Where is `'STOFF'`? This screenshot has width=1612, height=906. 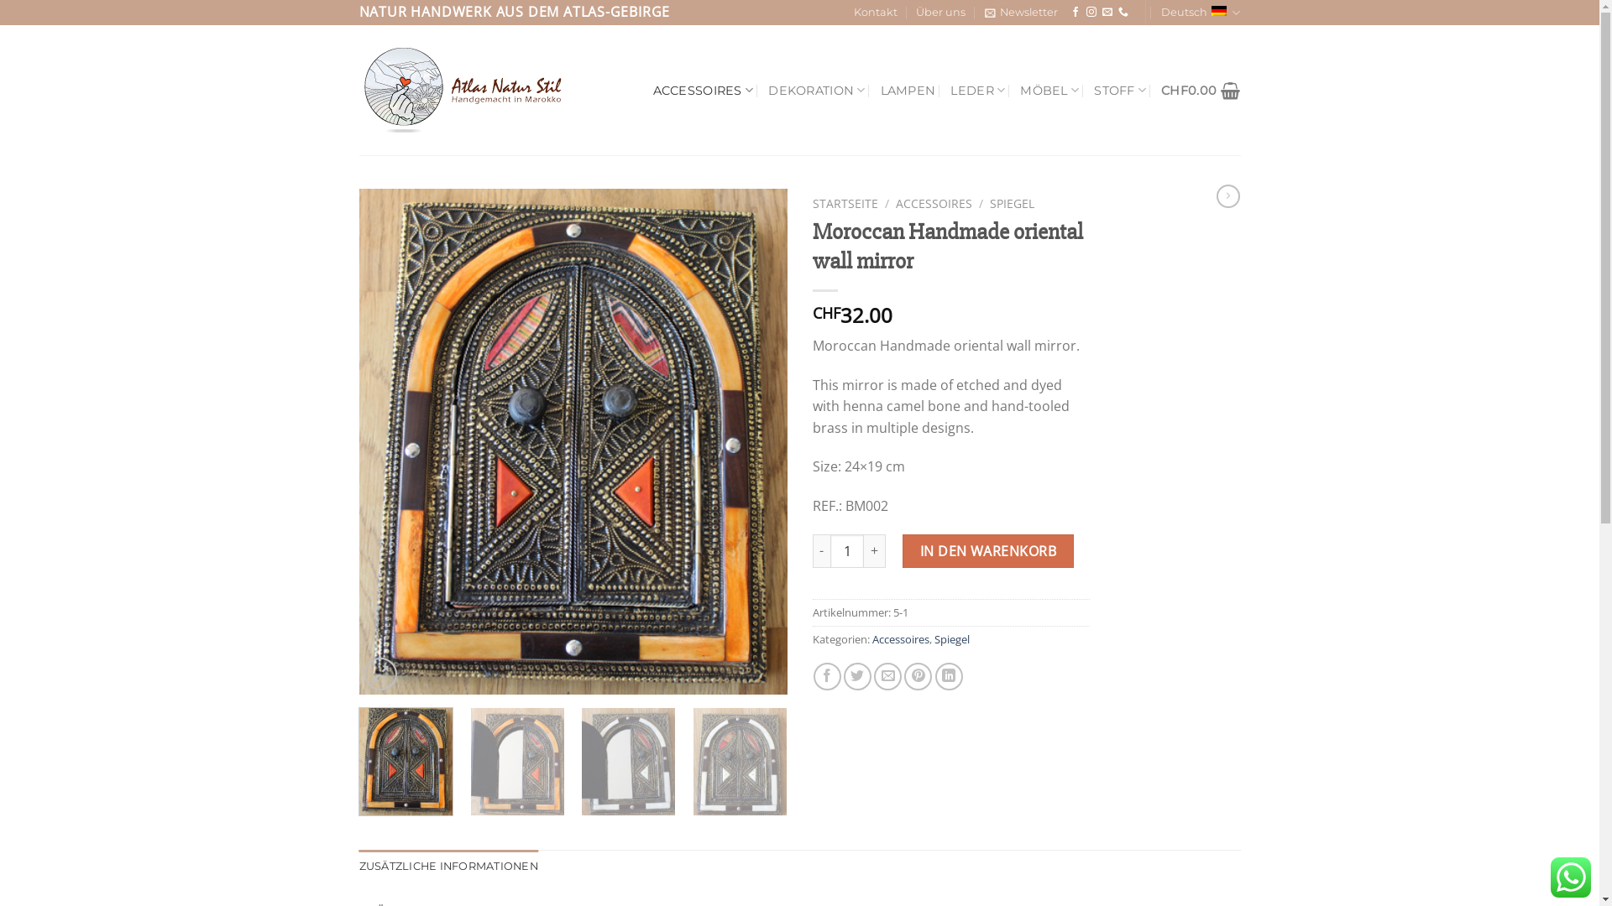 'STOFF' is located at coordinates (1120, 90).